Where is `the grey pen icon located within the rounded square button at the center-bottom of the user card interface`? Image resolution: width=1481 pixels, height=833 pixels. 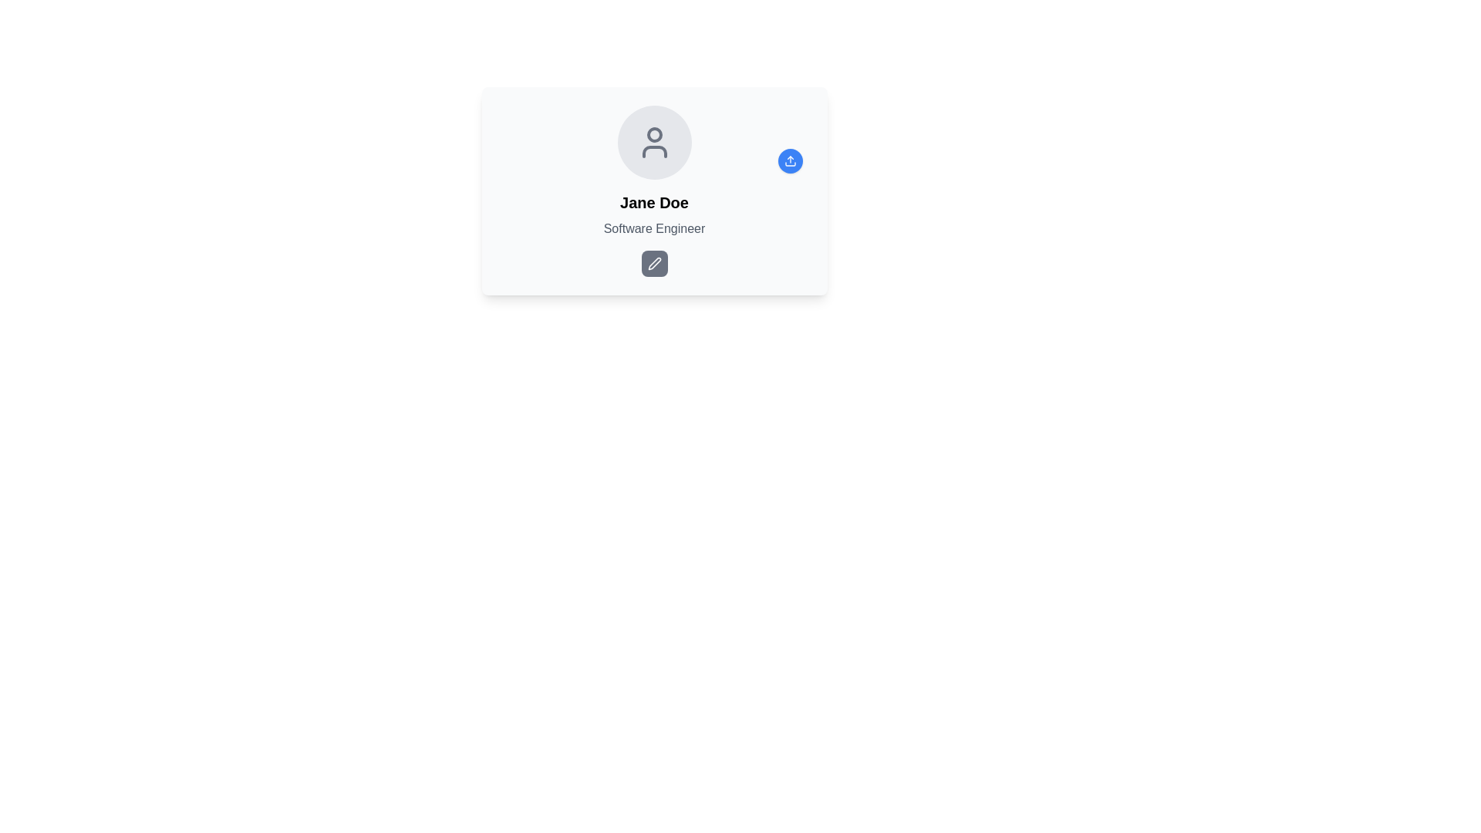 the grey pen icon located within the rounded square button at the center-bottom of the user card interface is located at coordinates (654, 263).